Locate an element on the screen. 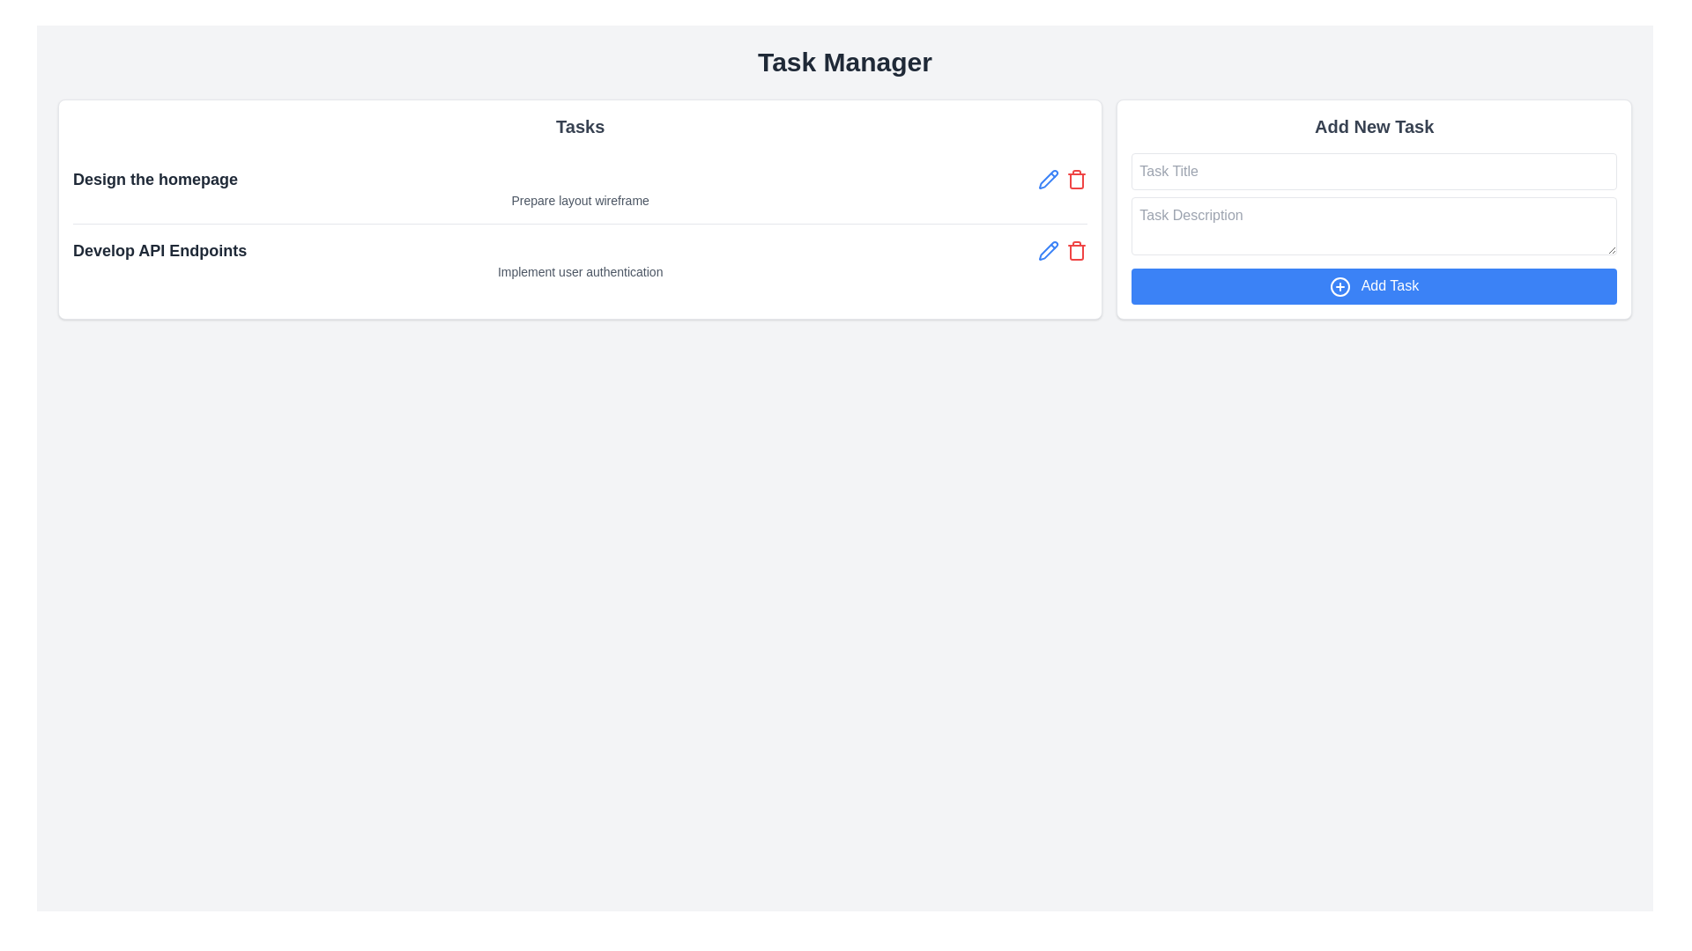 The width and height of the screenshot is (1692, 951). the delete button located at the far right of the second task in the task management interface to possibly reveal additional information is located at coordinates (1076, 251).